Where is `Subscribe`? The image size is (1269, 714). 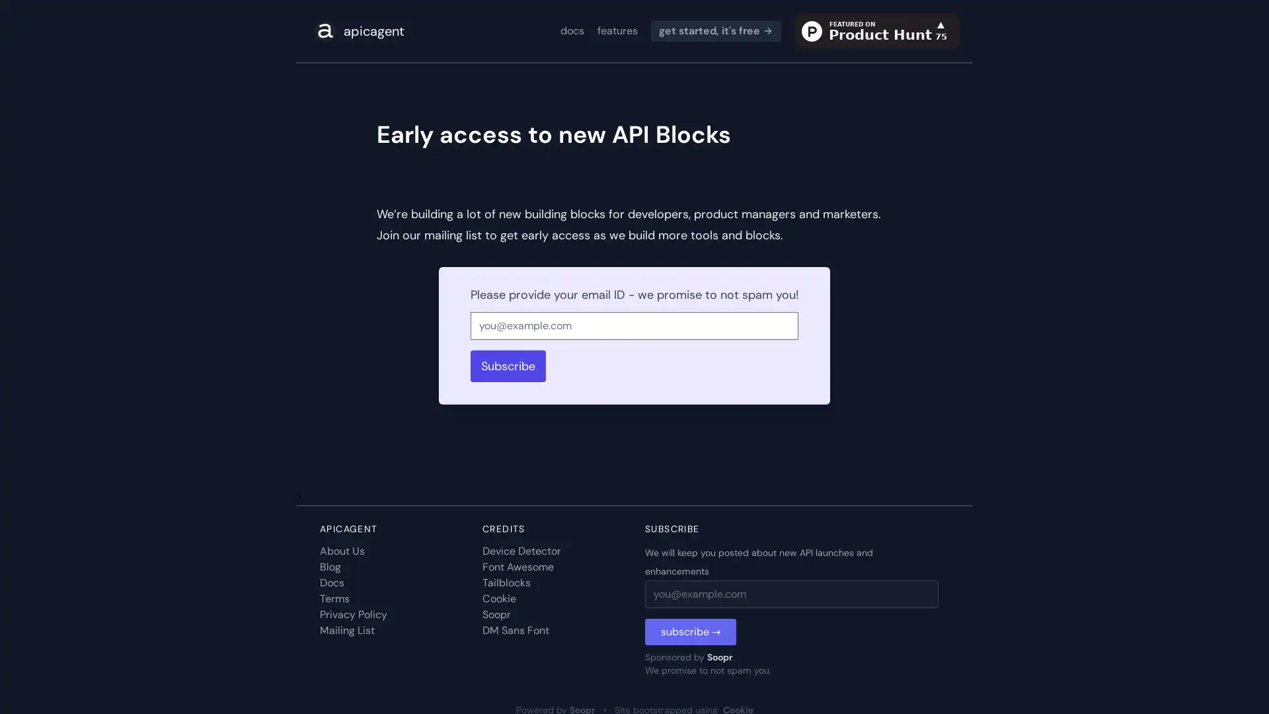 Subscribe is located at coordinates (507, 366).